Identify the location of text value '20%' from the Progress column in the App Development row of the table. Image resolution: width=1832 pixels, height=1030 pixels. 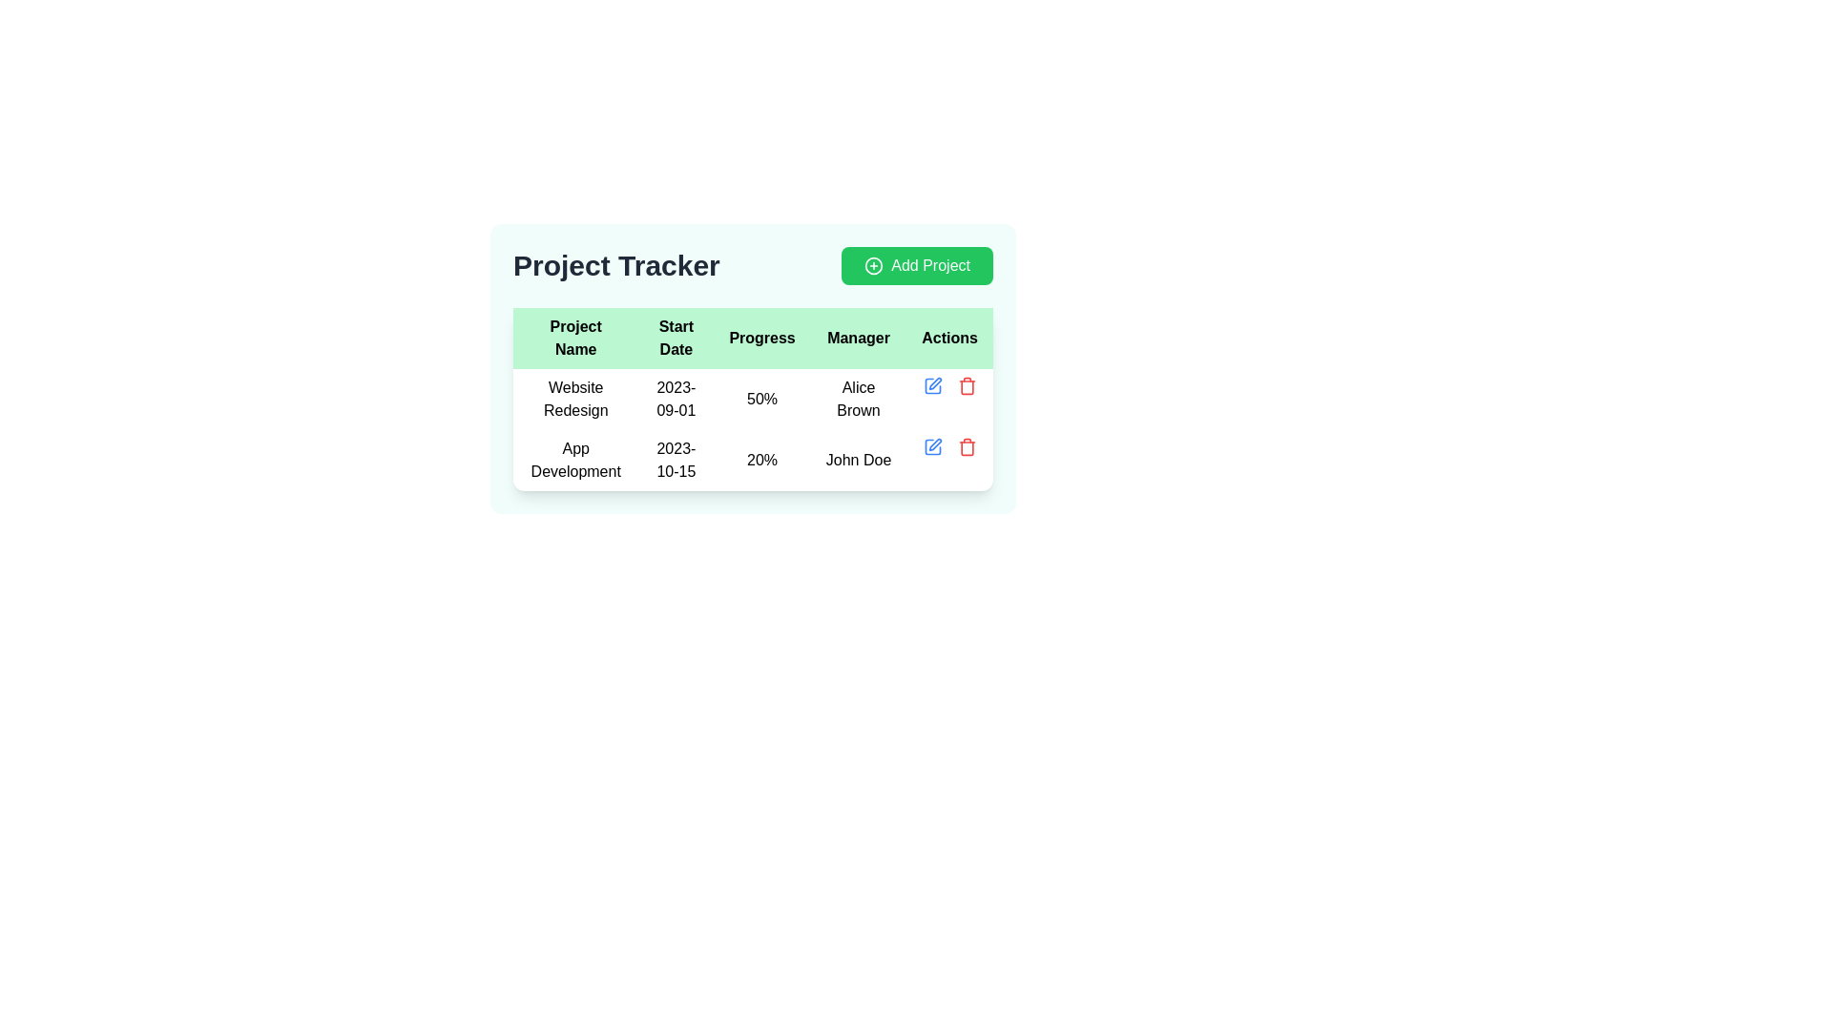
(761, 460).